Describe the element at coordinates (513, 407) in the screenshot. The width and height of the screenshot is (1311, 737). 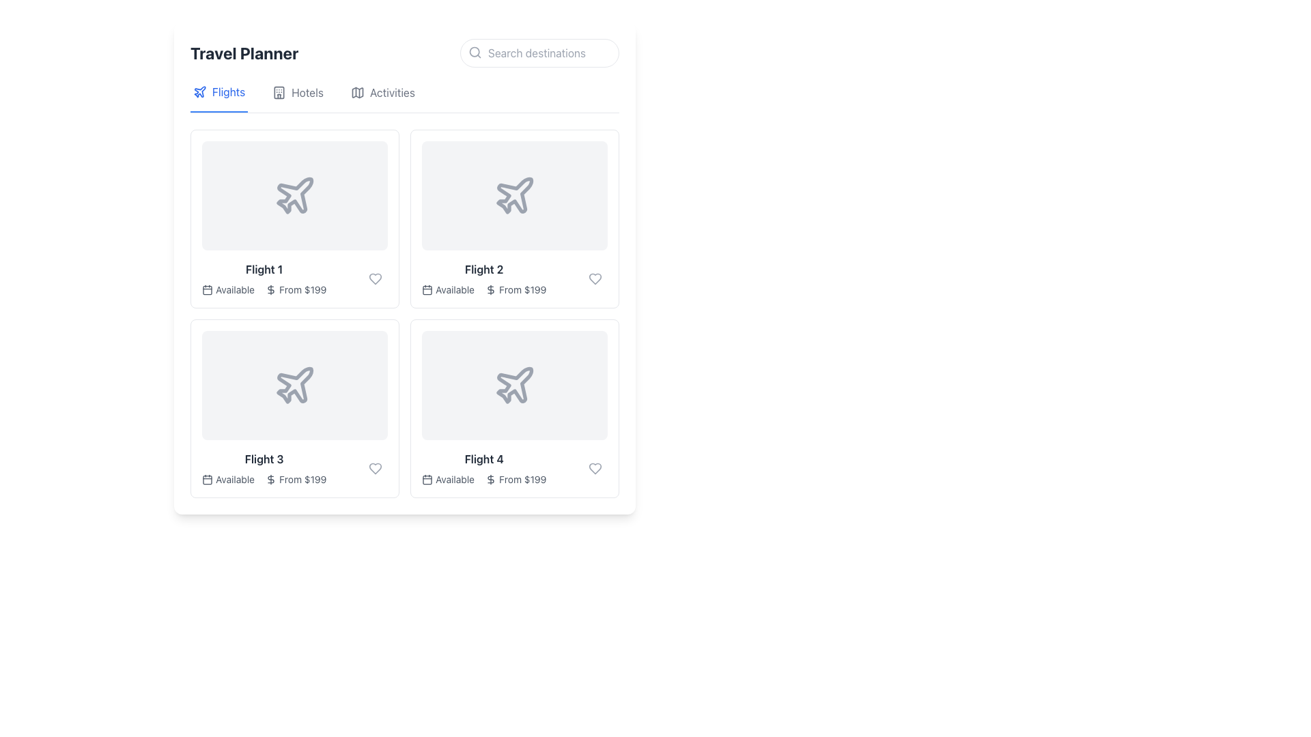
I see `the card component representing 'Flight 4'` at that location.